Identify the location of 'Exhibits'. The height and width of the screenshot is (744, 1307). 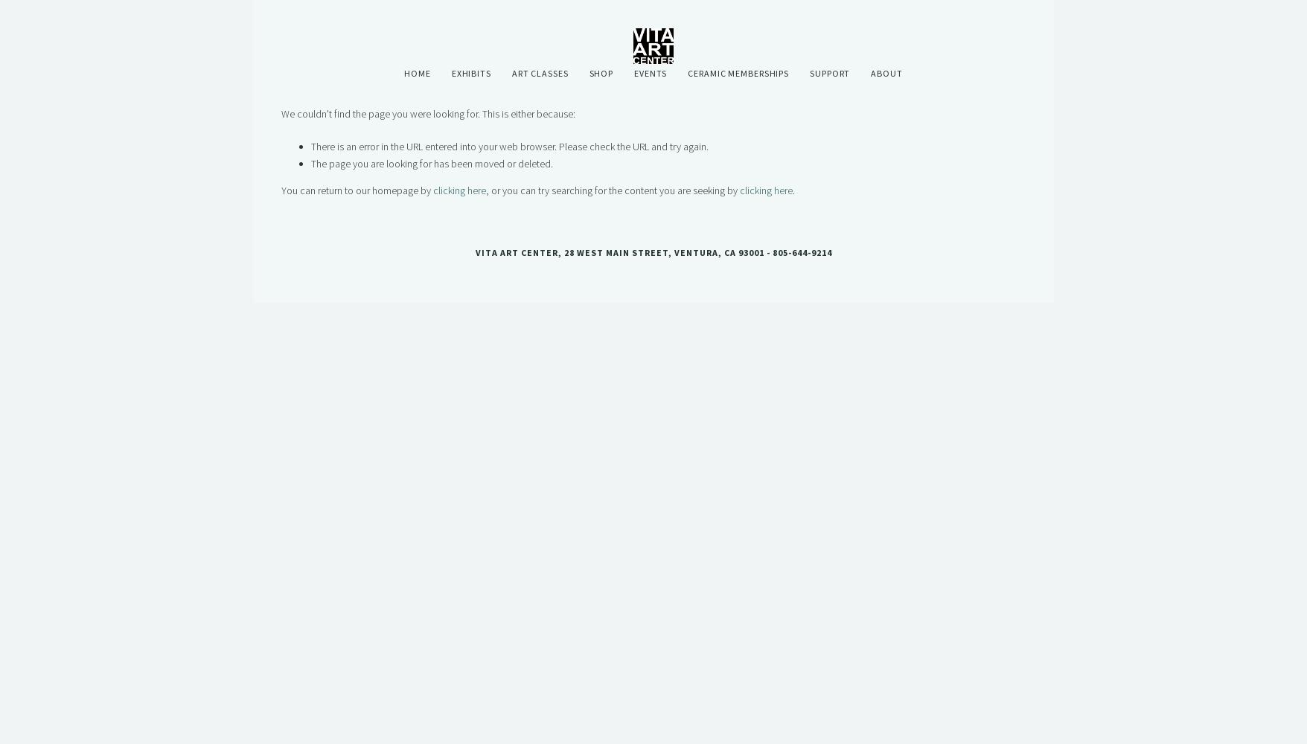
(450, 72).